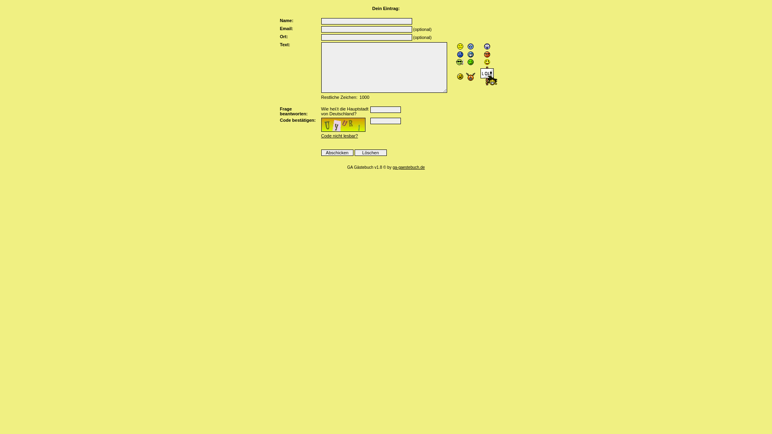 Image resolution: width=772 pixels, height=434 pixels. What do you see at coordinates (466, 76) in the screenshot?
I see `'::('` at bounding box center [466, 76].